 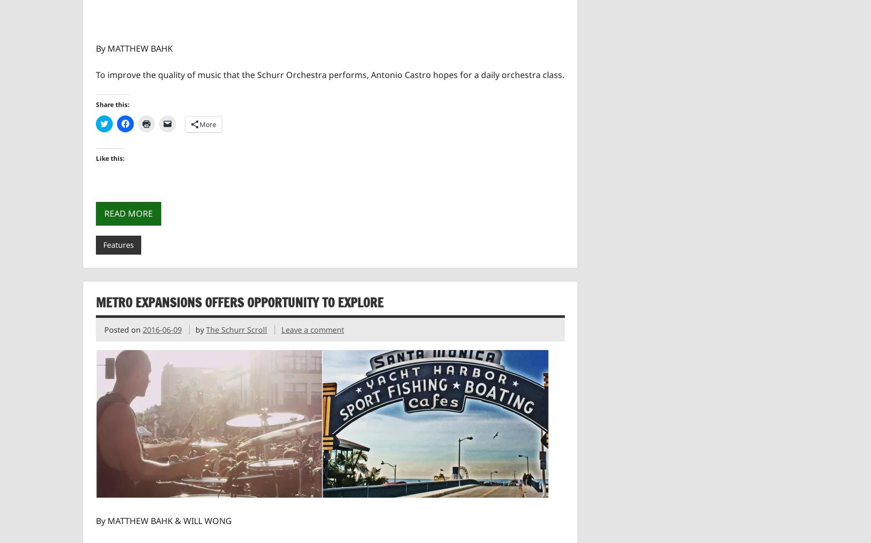 What do you see at coordinates (111, 104) in the screenshot?
I see `'Share this:'` at bounding box center [111, 104].